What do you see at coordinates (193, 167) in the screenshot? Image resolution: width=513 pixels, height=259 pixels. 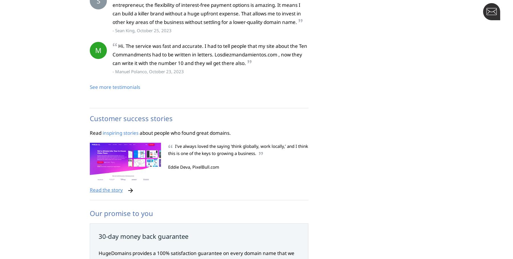 I see `'Eddie Deva, PixelBull.com'` at bounding box center [193, 167].